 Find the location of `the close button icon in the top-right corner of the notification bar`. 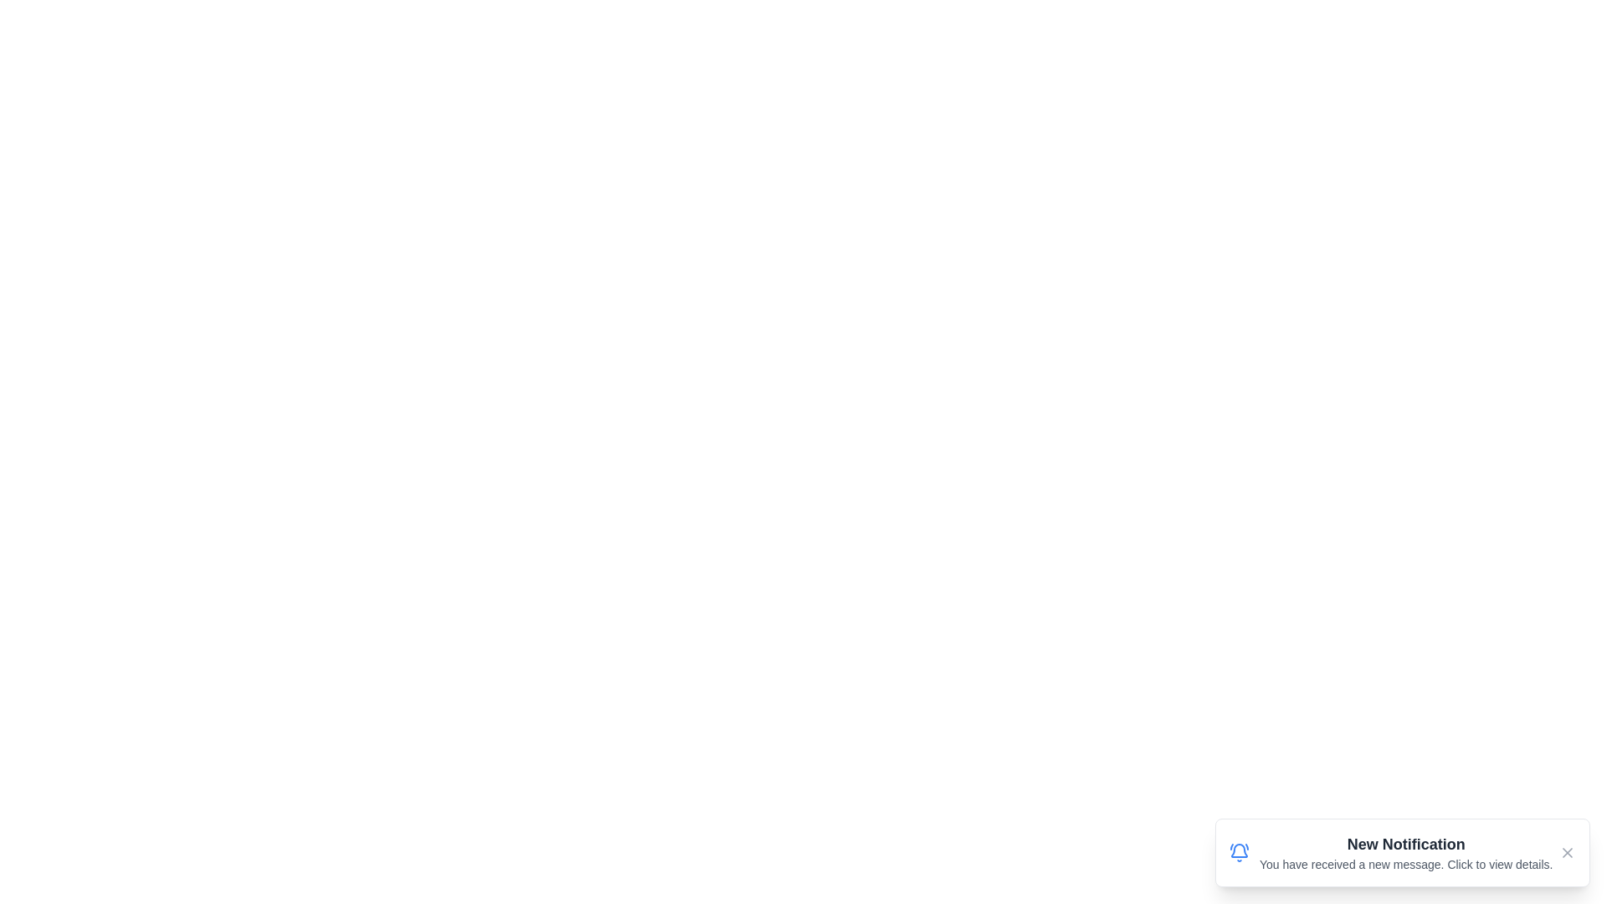

the close button icon in the top-right corner of the notification bar is located at coordinates (1566, 852).